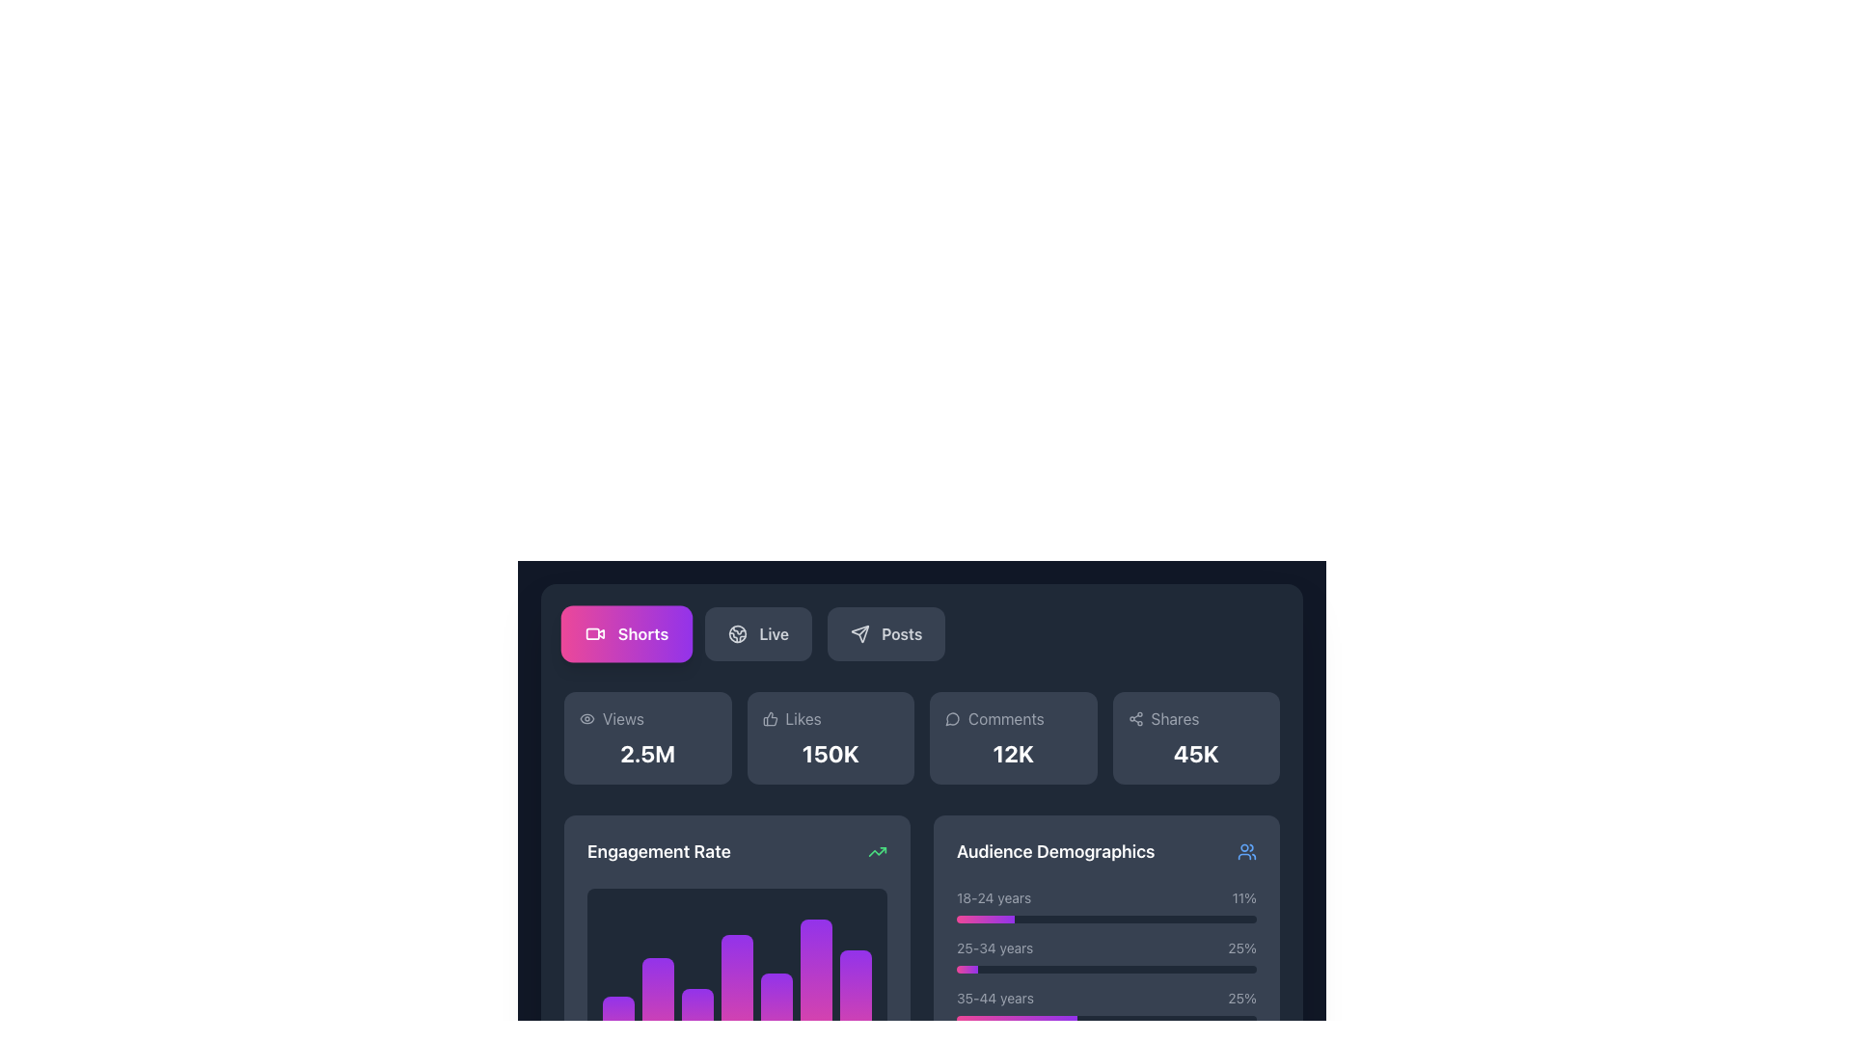 This screenshot has height=1041, width=1852. I want to click on the text label 'Posts' which is styled in a bold font and located inside a button with a dark background, positioned to the right of two other buttons labeled 'Shorts' and 'Live', so click(901, 634).